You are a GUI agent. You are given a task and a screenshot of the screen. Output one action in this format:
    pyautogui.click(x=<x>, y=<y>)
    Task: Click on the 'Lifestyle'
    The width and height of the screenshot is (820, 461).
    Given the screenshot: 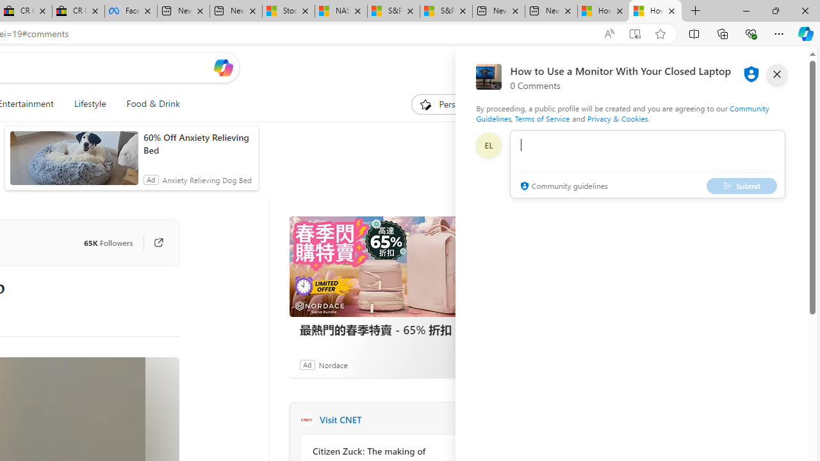 What is the action you would take?
    pyautogui.click(x=89, y=104)
    